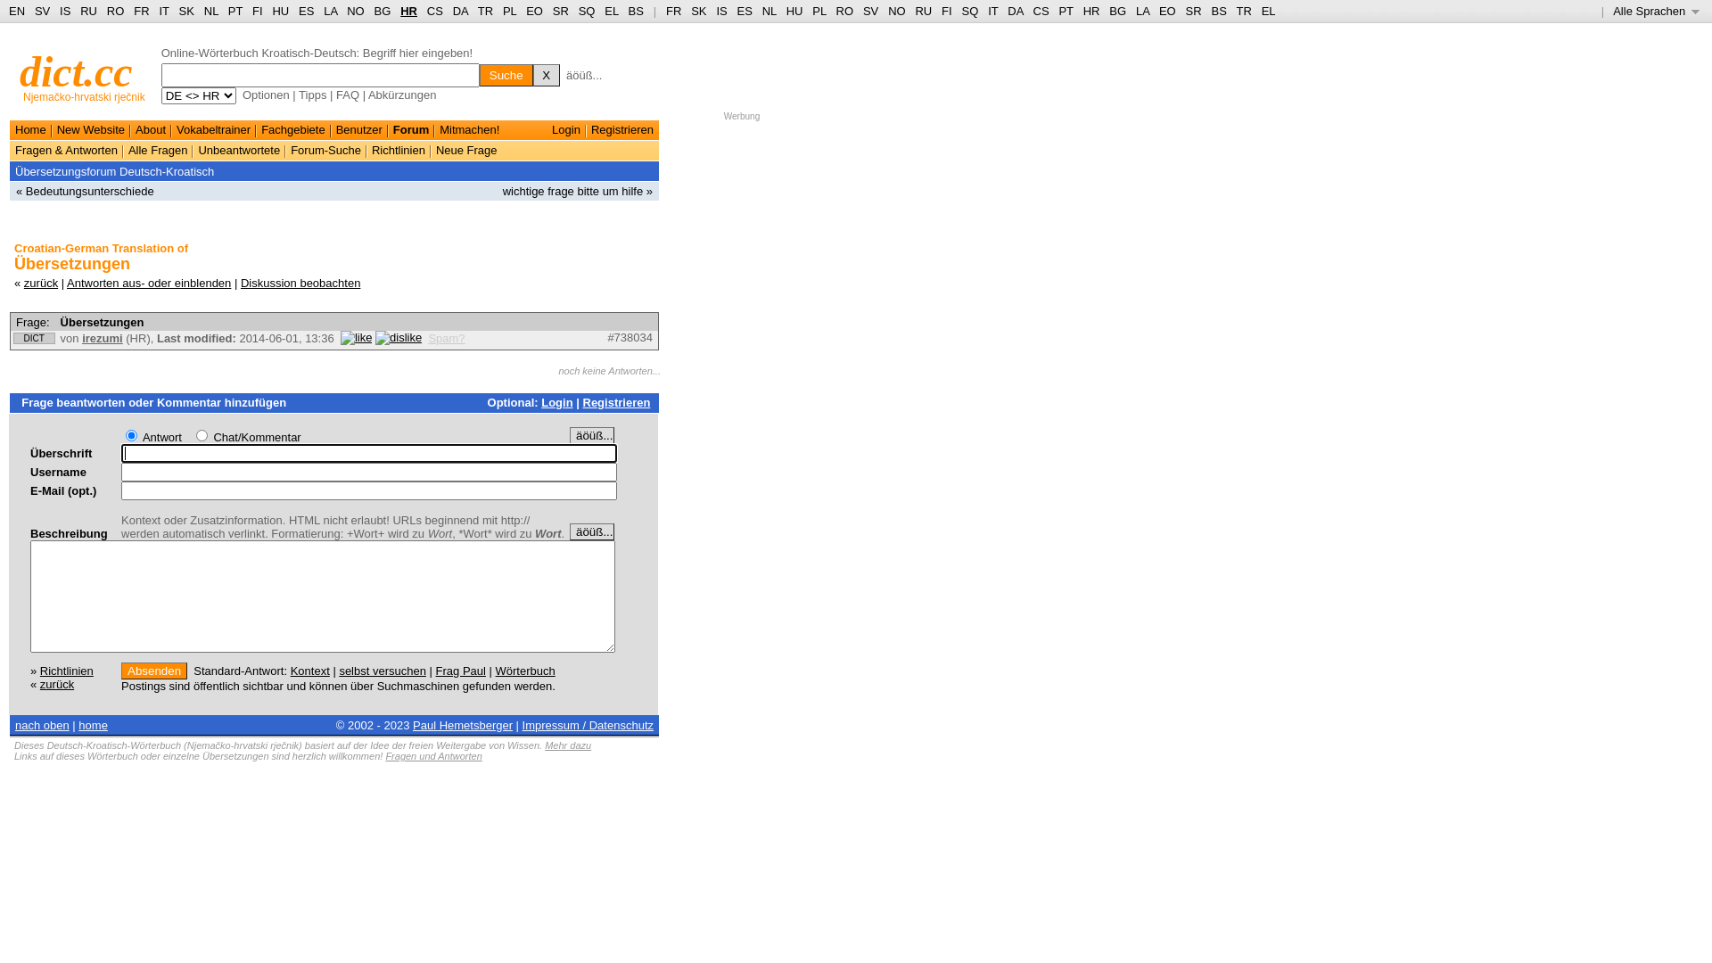 This screenshot has width=1712, height=963. I want to click on 'Fachgebiete', so click(293, 128).